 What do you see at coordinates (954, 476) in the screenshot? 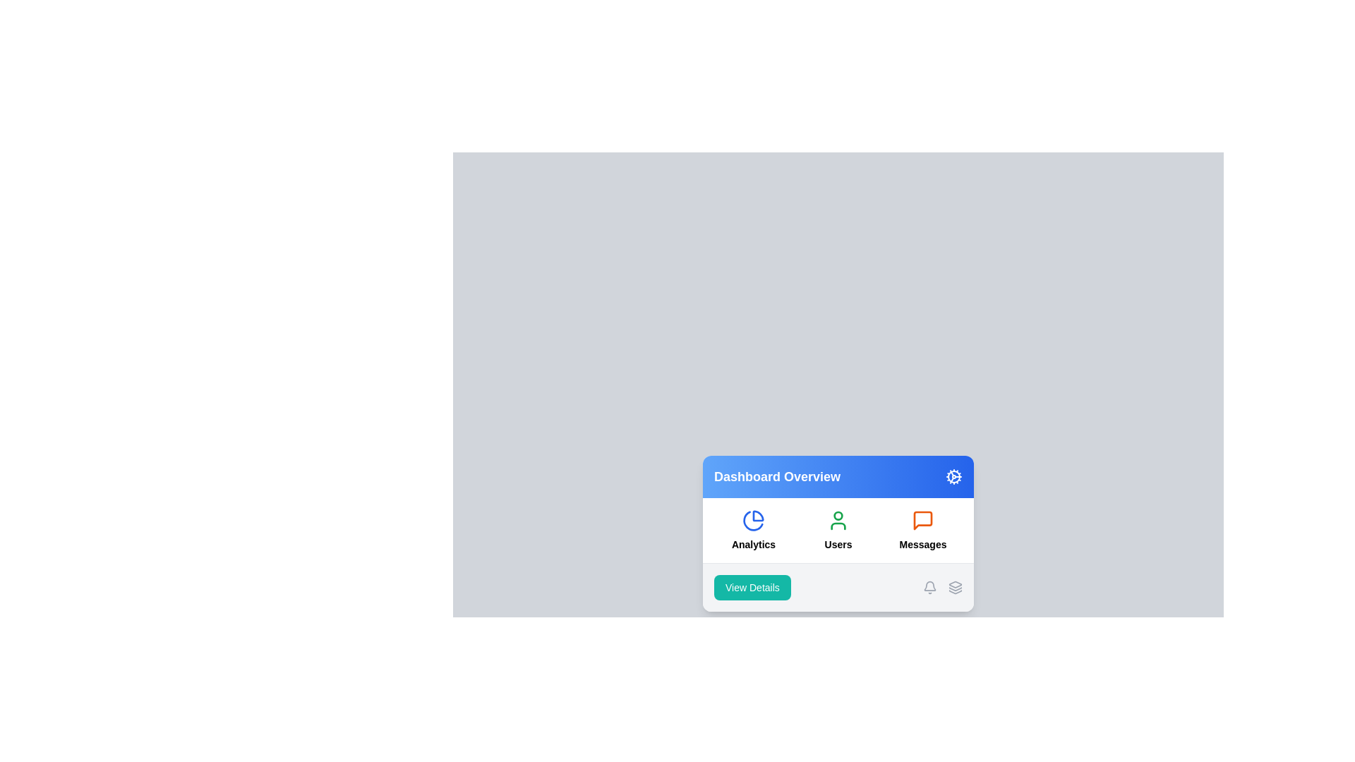
I see `the circular icon in the top-right corner of the 'Dashboard Overview' widget, which signifies settings or configuration functionality` at bounding box center [954, 476].